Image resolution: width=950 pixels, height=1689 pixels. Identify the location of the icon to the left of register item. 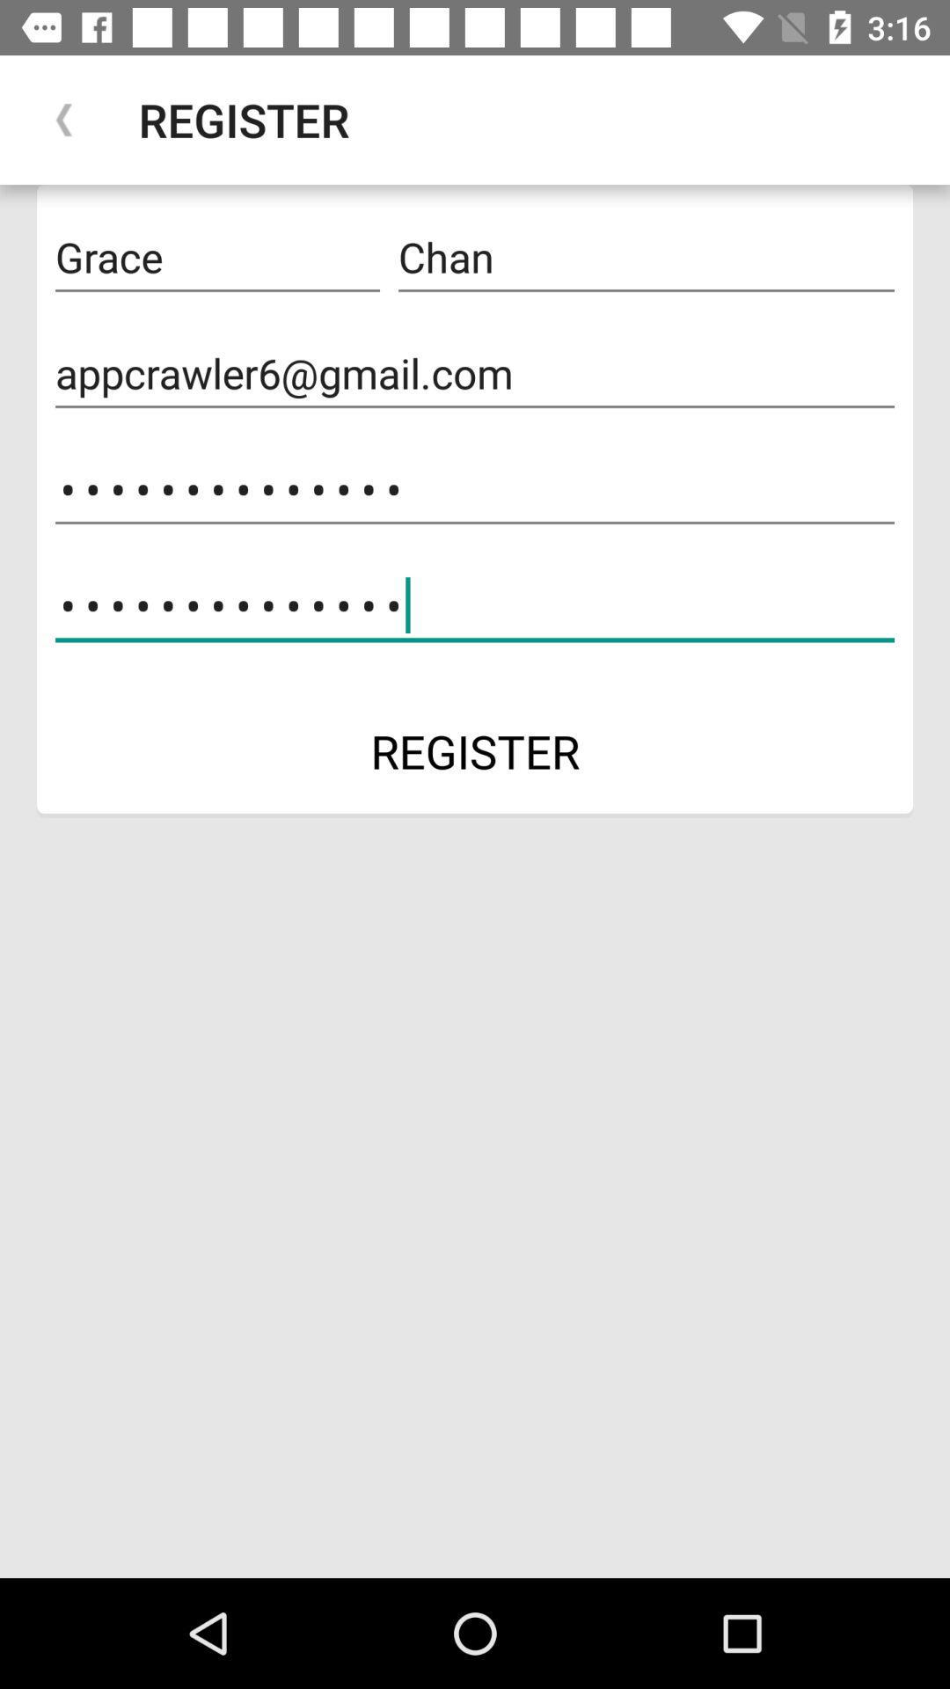
(63, 119).